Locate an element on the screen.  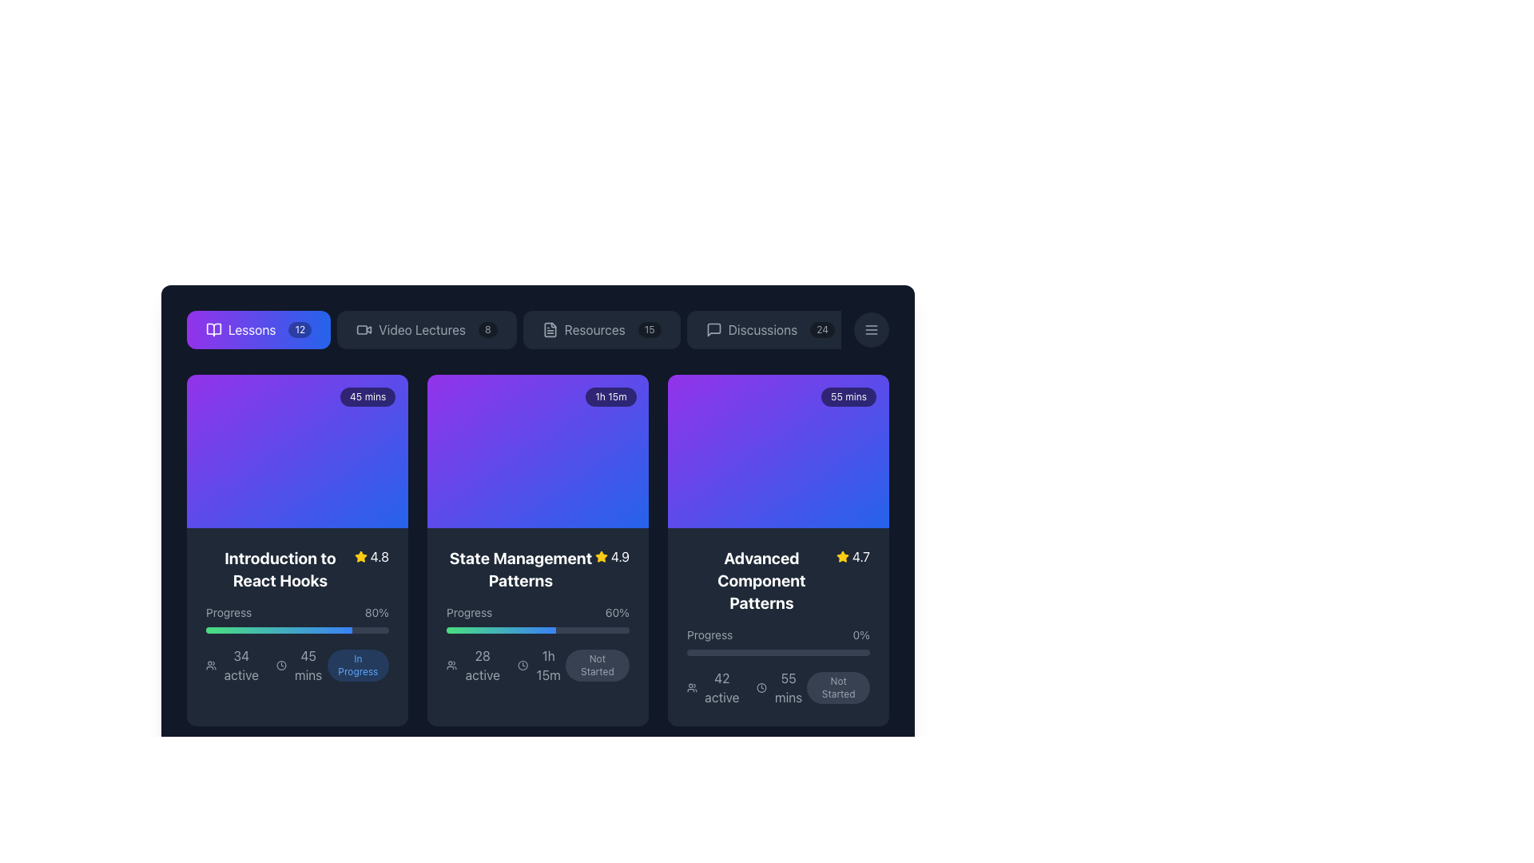
the Informational card with the header 'State Management Patterns' which is the second card in a row of three, to interact with it is located at coordinates (538, 550).